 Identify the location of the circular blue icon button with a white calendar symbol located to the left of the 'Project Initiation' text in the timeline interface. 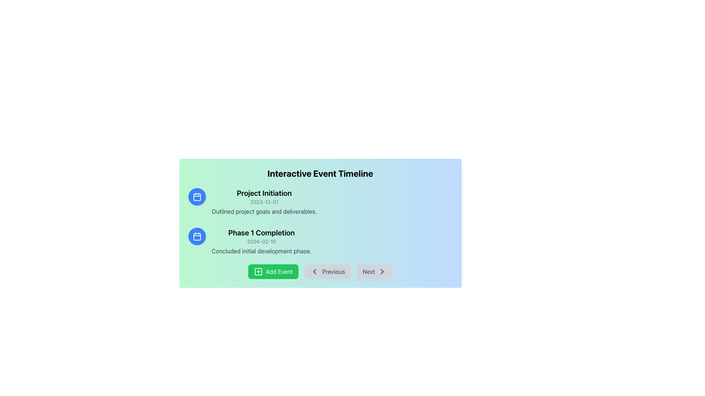
(197, 196).